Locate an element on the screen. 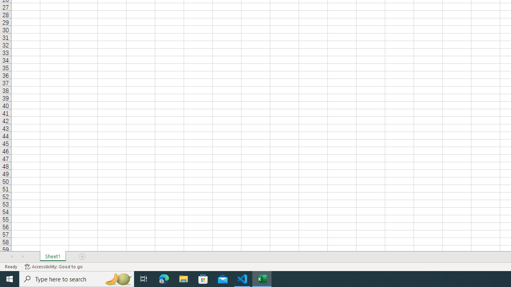  'Scroll Right' is located at coordinates (23, 257).